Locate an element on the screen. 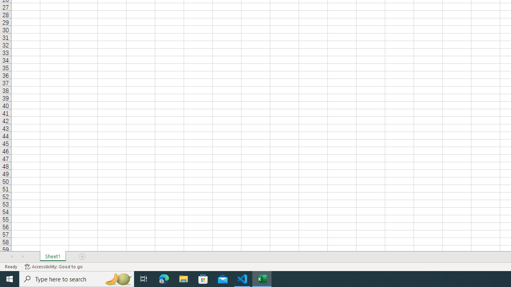  'Scroll Right' is located at coordinates (23, 257).